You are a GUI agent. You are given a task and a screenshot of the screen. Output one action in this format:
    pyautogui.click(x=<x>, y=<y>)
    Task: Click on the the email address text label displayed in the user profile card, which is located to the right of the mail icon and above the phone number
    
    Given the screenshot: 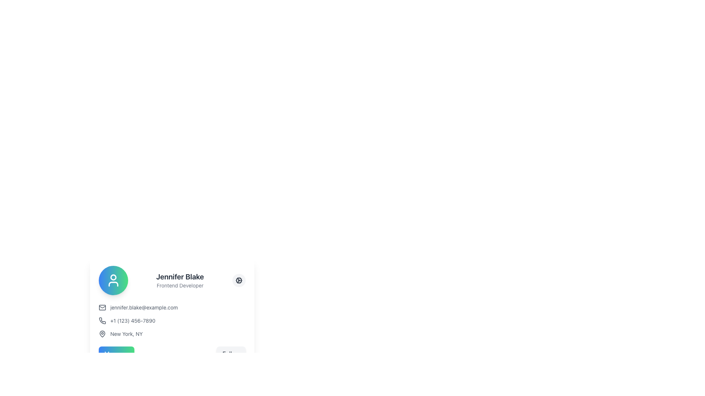 What is the action you would take?
    pyautogui.click(x=144, y=308)
    